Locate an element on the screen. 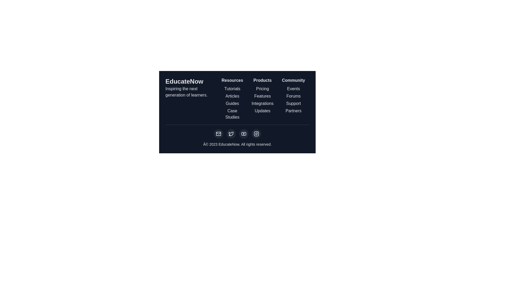 This screenshot has height=284, width=505. the envelope icon button located at the bottom center of the footer is located at coordinates (218, 134).